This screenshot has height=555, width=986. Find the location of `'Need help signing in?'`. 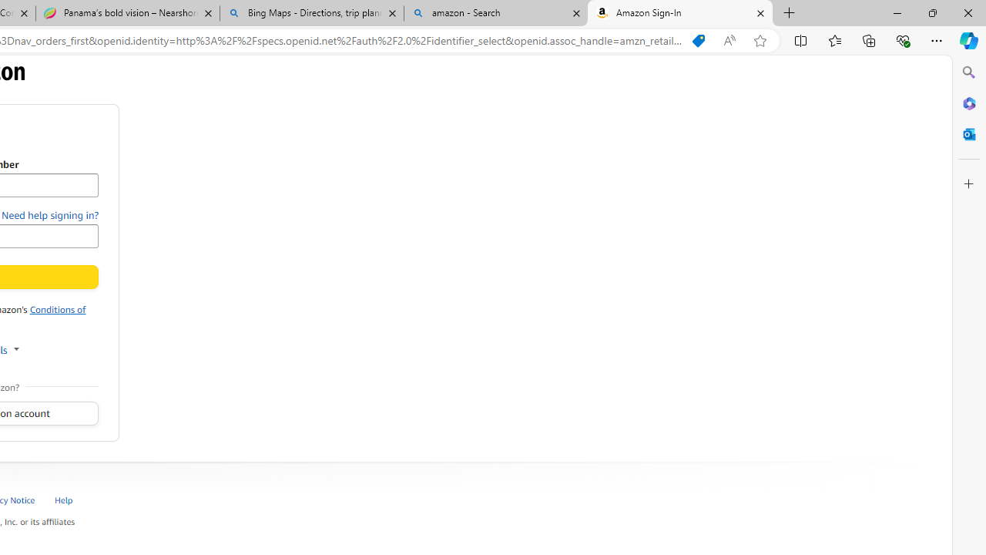

'Need help signing in?' is located at coordinates (50, 215).